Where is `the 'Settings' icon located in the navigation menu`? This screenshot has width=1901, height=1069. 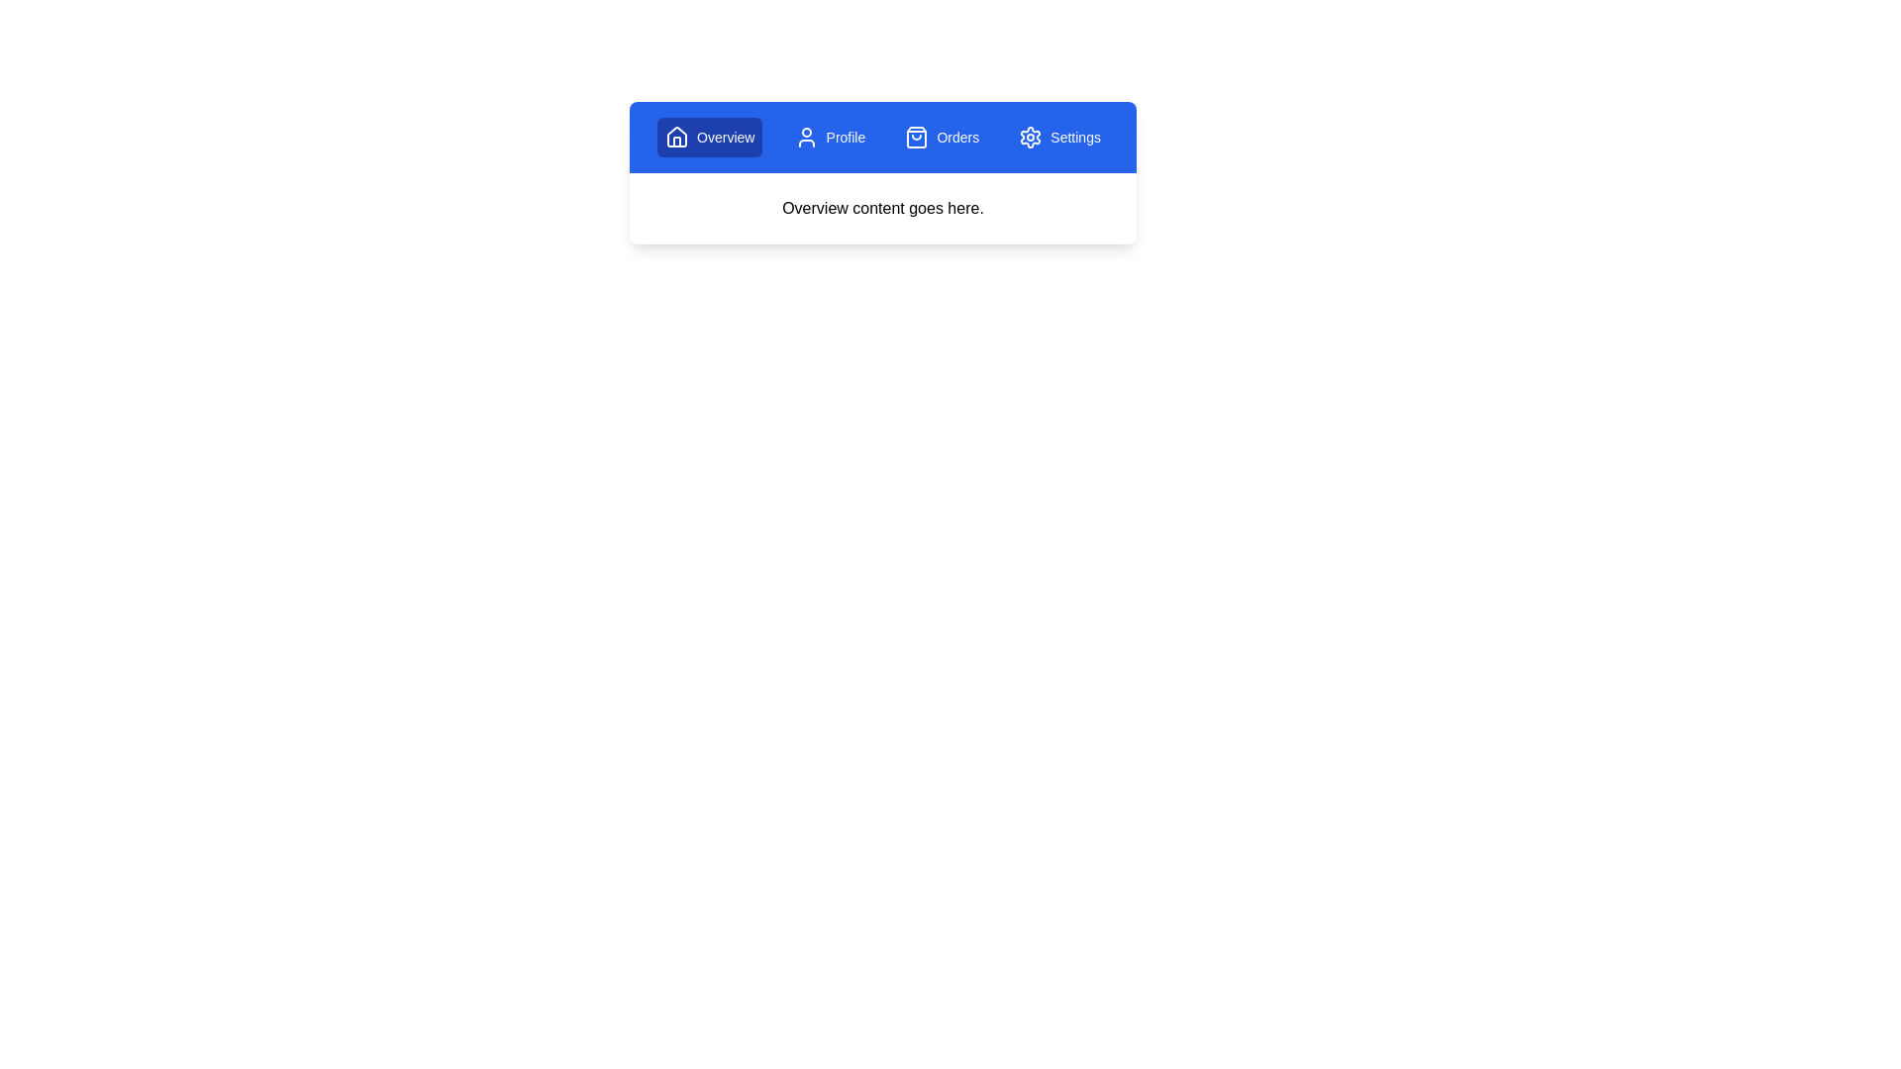
the 'Settings' icon located in the navigation menu is located at coordinates (1030, 136).